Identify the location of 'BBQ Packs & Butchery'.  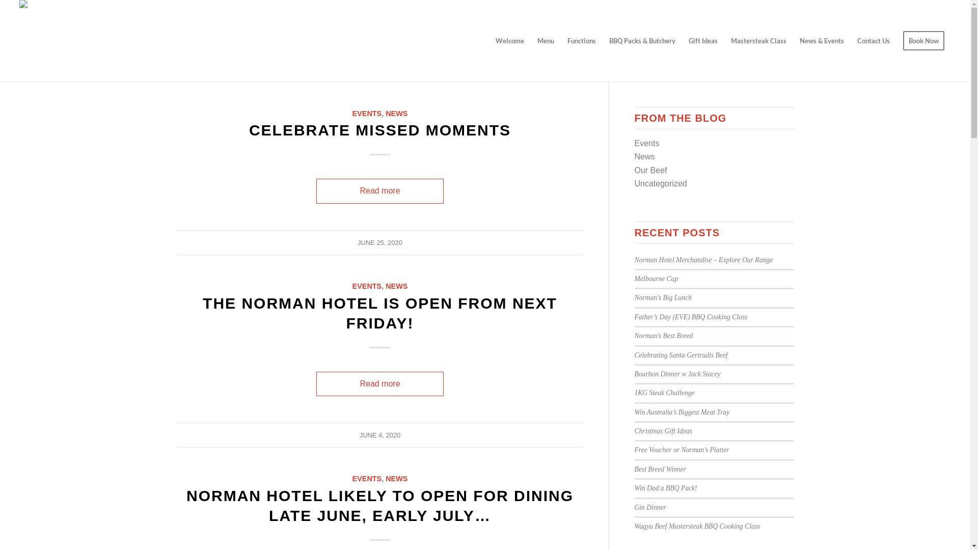
(642, 40).